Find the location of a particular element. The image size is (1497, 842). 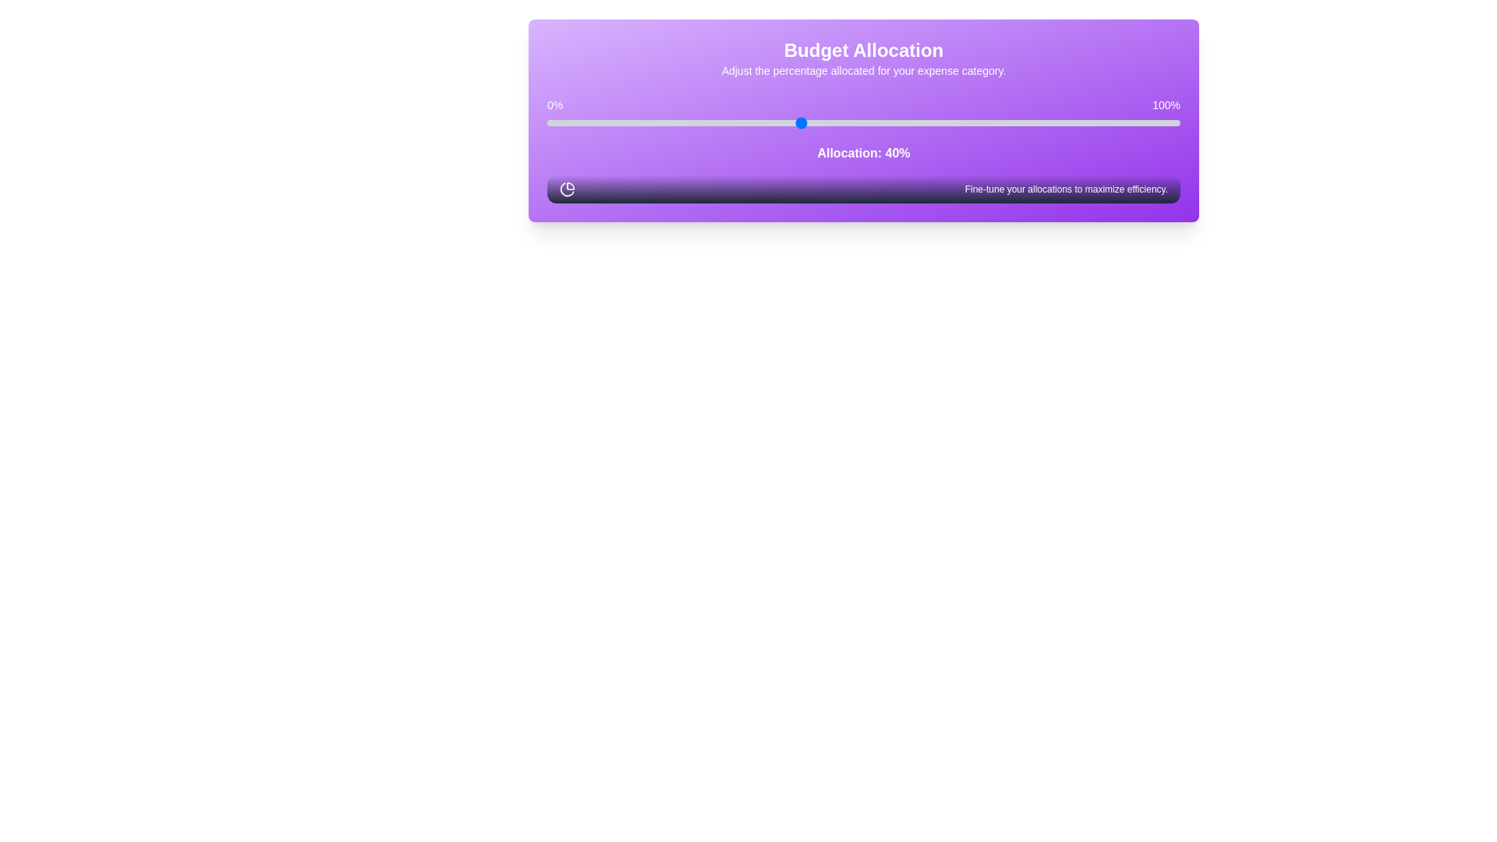

the Informational Component which is a horizontal bar with a gradient background and contains a pie chart icon and text reading 'Fine-tune your allocations to maximize efficiency.' located at the bottom of the 'Budget Allocation' card is located at coordinates (863, 189).